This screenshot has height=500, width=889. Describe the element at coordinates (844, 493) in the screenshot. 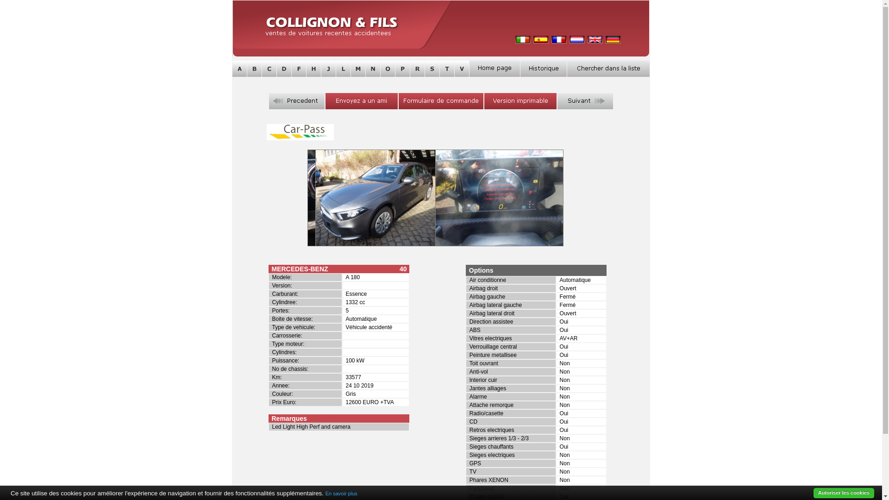

I see `'Autoriser les cookies'` at that location.